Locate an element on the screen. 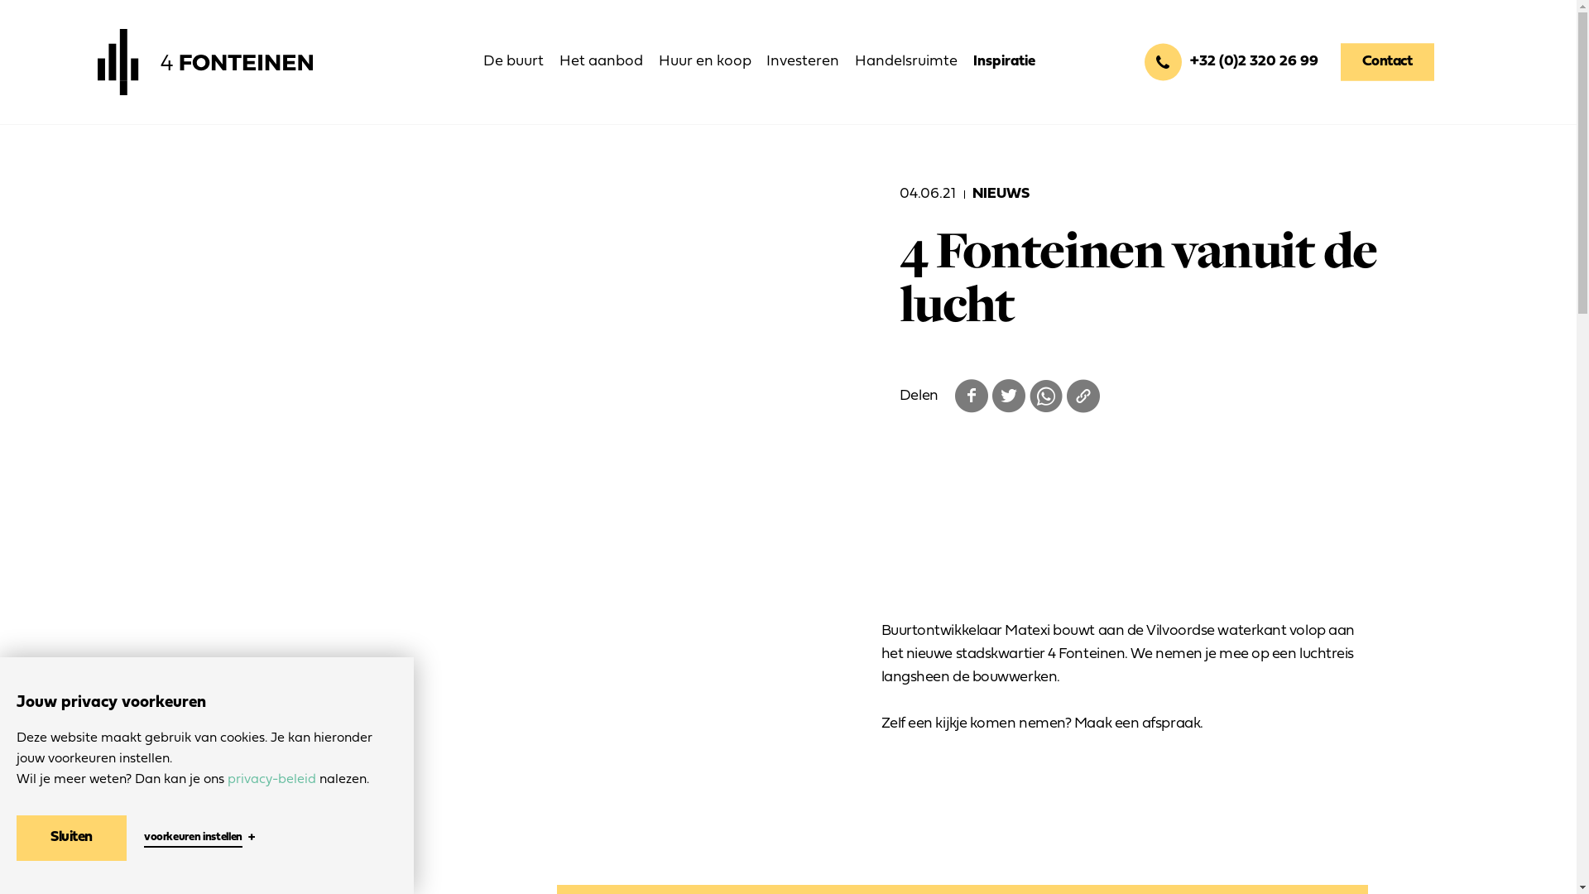 Image resolution: width=1589 pixels, height=894 pixels. 'voorkeuren instellen' is located at coordinates (193, 837).